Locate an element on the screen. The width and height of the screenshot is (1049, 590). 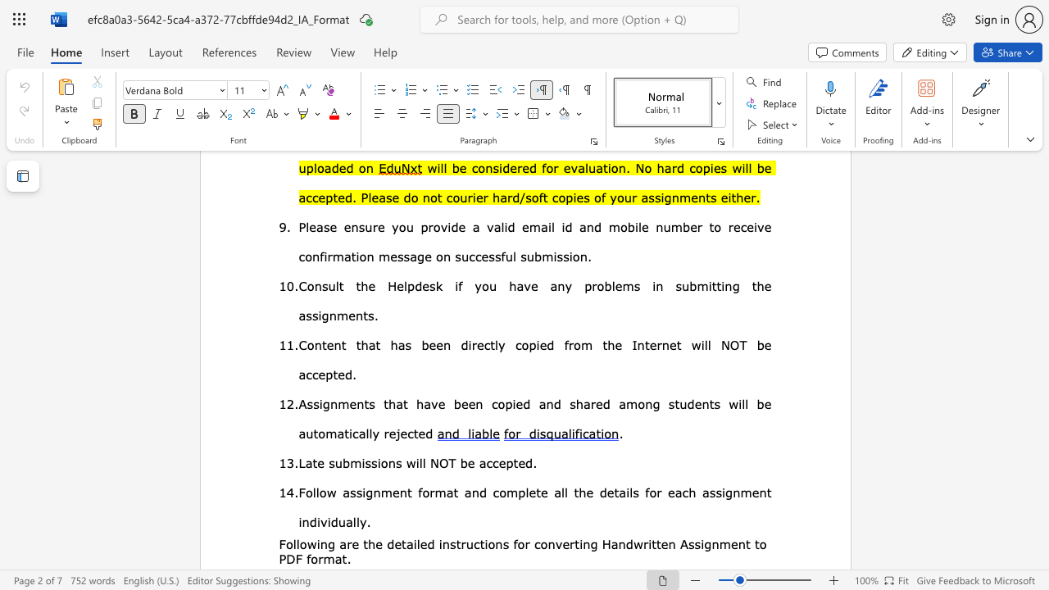
the subset text "ed." within the text "Content that has been directly copied from the Internet will NOT be accepted." is located at coordinates (337, 374).